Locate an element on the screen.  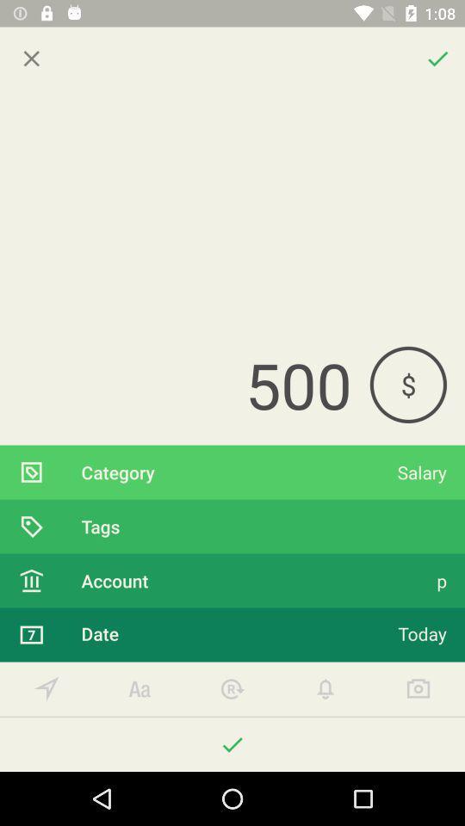
icon to the right of the 500 is located at coordinates (407, 385).